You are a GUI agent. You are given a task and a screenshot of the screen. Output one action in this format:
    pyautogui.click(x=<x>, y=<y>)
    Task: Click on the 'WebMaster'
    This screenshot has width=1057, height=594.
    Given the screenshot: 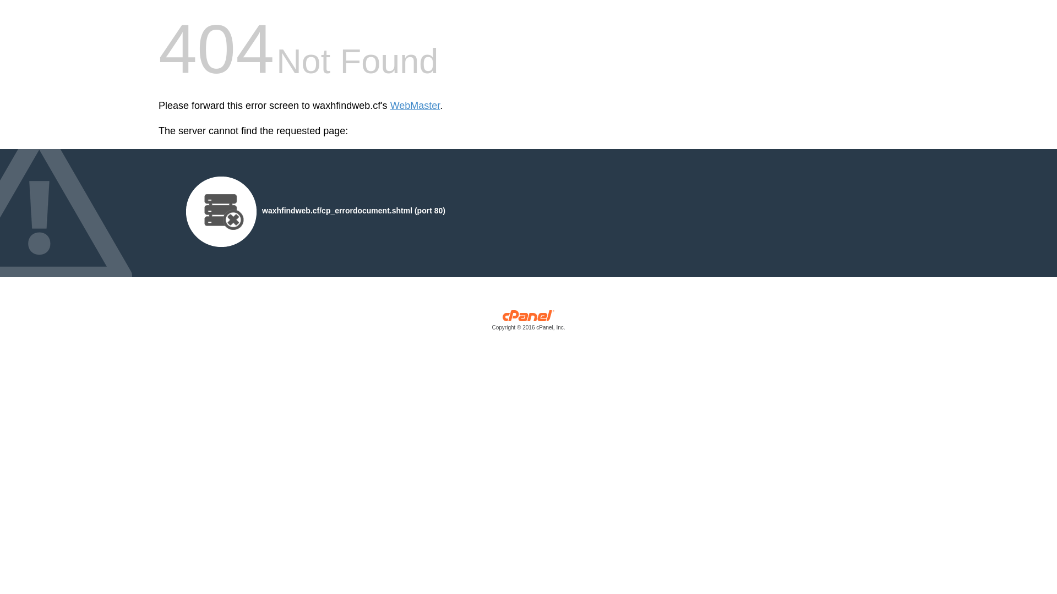 What is the action you would take?
    pyautogui.click(x=415, y=106)
    